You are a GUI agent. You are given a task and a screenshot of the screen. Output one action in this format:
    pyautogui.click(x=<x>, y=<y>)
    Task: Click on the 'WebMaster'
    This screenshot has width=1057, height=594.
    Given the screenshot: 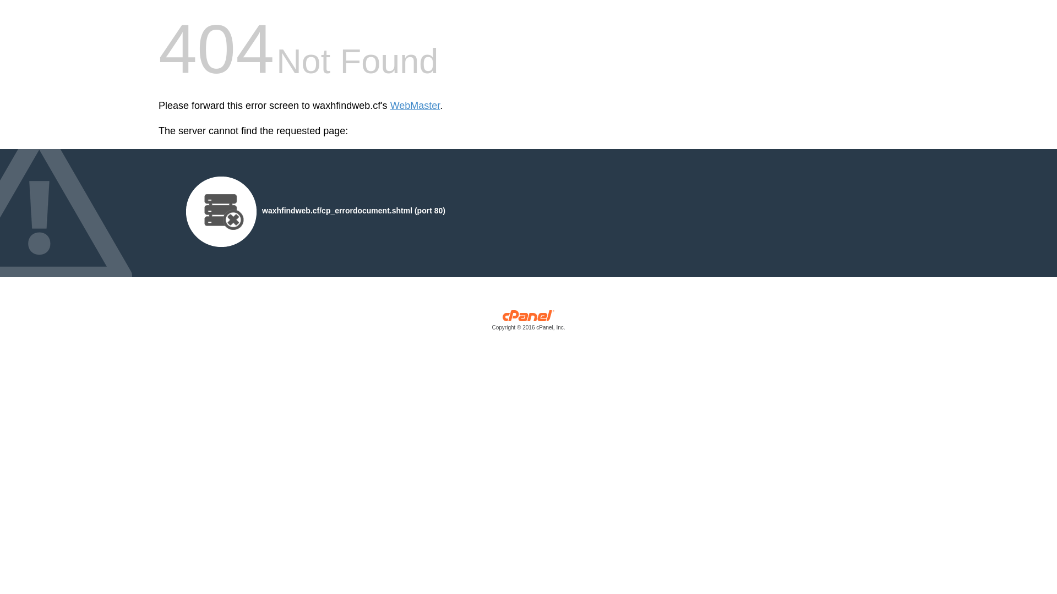 What is the action you would take?
    pyautogui.click(x=415, y=106)
    